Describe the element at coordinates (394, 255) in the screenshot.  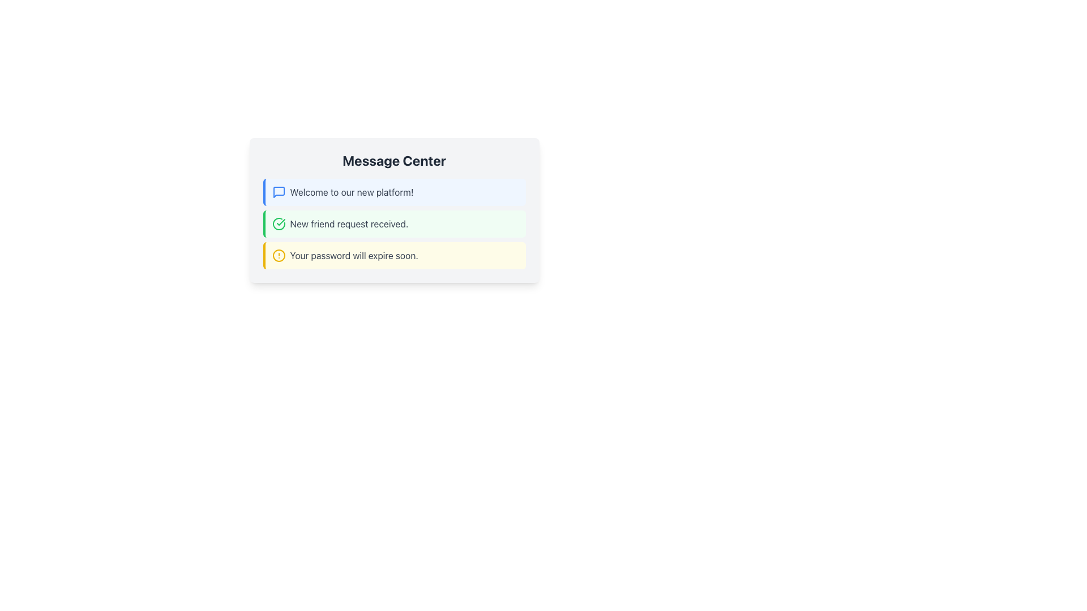
I see `informational notification about password expiration, which is the third message in the vertically stacked list following the 'New friend request received.' message` at that location.